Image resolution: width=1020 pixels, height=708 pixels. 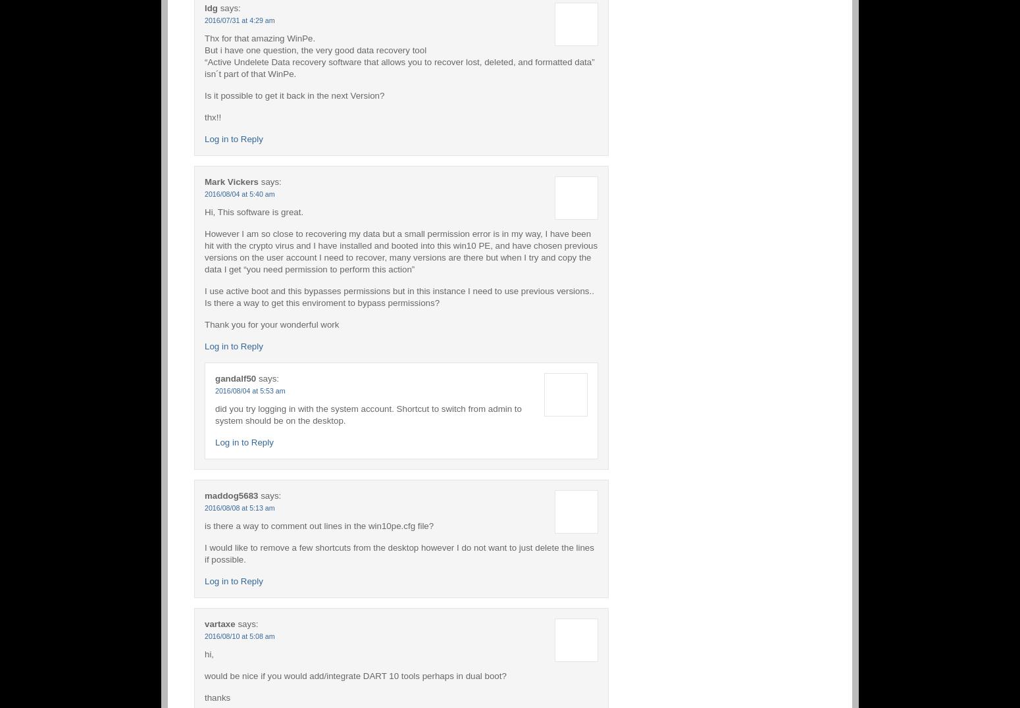 I want to click on 'thx!!', so click(x=212, y=116).